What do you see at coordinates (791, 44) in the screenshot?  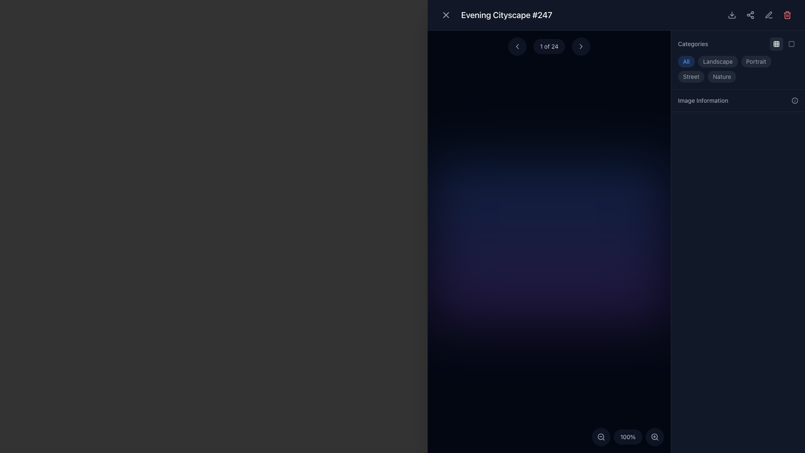 I see `the small square button with rounded corners located in the top-right corner of the interface, adjacent to a grid icon, which changes background color and icon color on hover` at bounding box center [791, 44].